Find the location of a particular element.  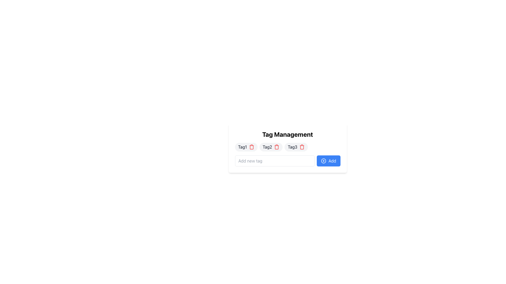

the decorative icon within the 'Add' button, positioned to the left of the 'Add' text label, located at the bottom-right corner of the tag management interface is located at coordinates (323, 161).